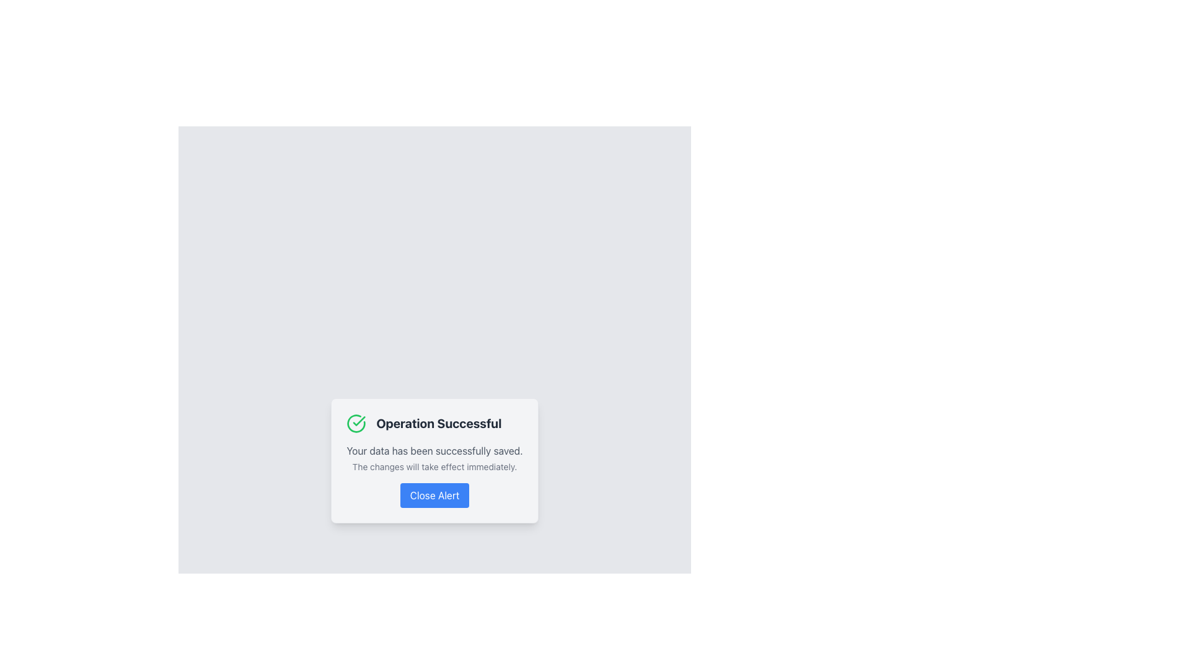 The height and width of the screenshot is (669, 1190). What do you see at coordinates (434, 451) in the screenshot?
I see `the first line of the confirmation message in the modal dialogue box titled 'Operation Successful', which notifies the user that their data has been successfully saved` at bounding box center [434, 451].